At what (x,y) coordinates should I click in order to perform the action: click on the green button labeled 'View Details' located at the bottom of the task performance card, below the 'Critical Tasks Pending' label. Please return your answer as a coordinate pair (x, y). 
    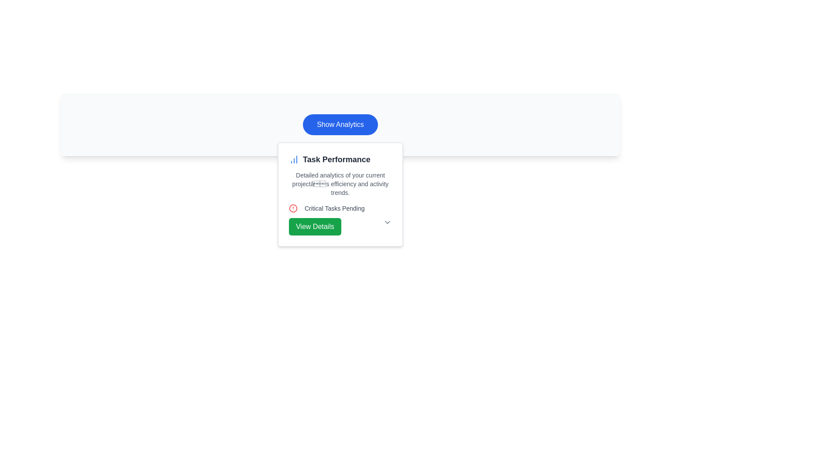
    Looking at the image, I should click on (340, 226).